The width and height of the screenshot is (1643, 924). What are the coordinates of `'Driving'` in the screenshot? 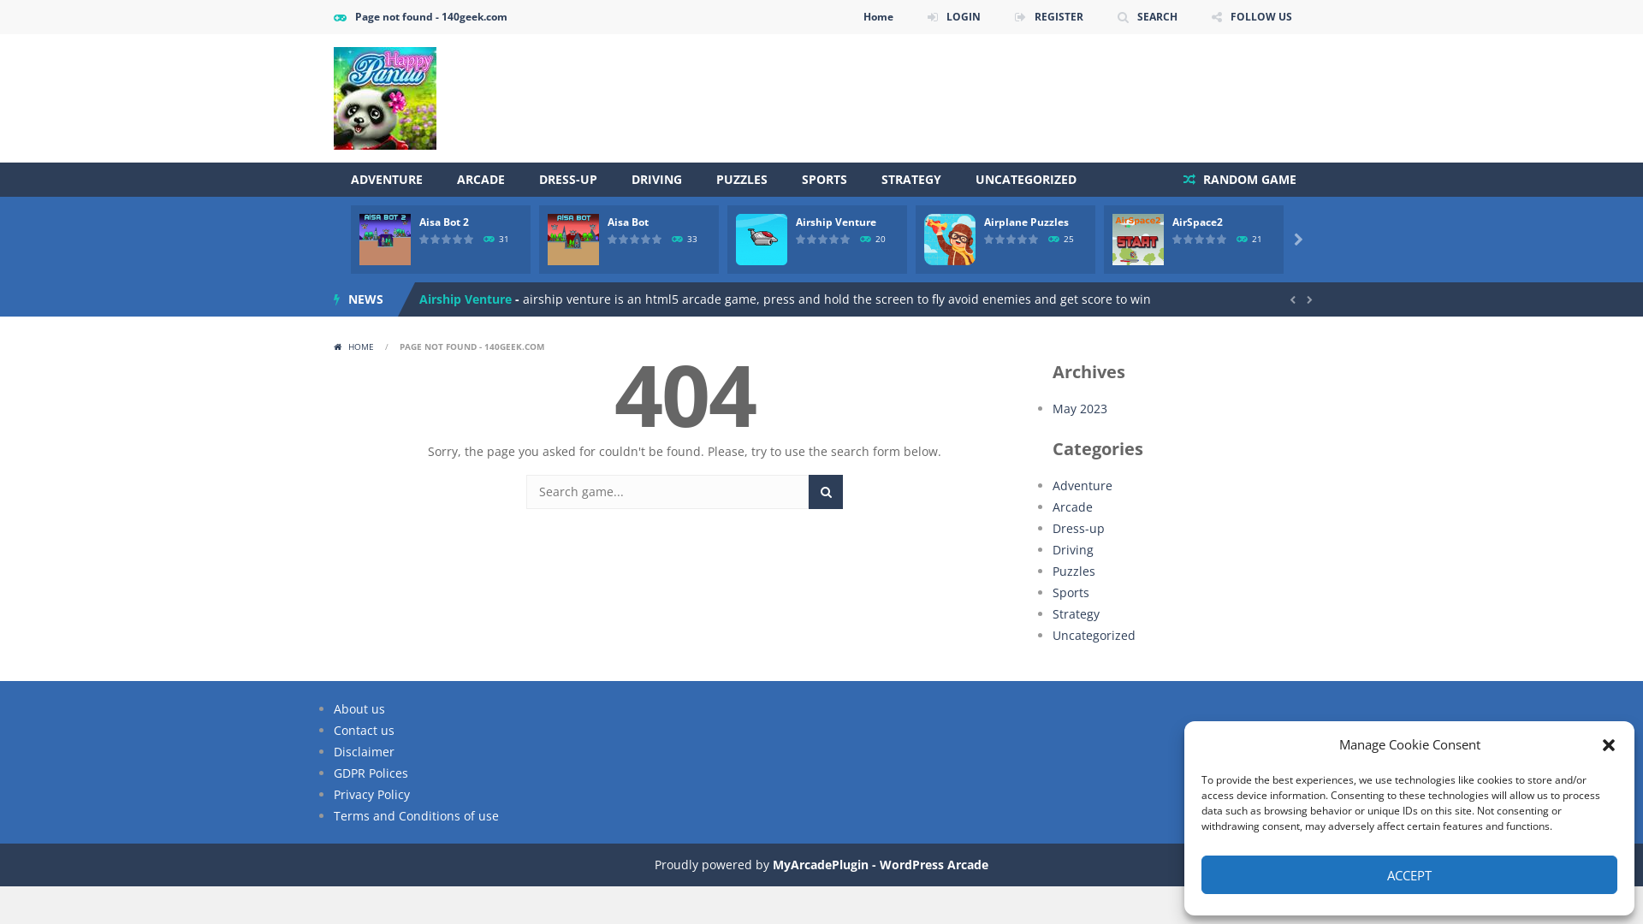 It's located at (1071, 549).